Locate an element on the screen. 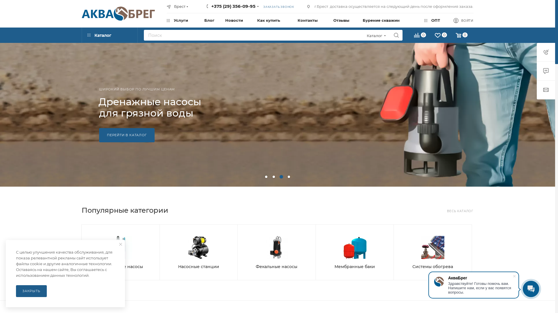 This screenshot has width=558, height=313. '0' is located at coordinates (451, 36).